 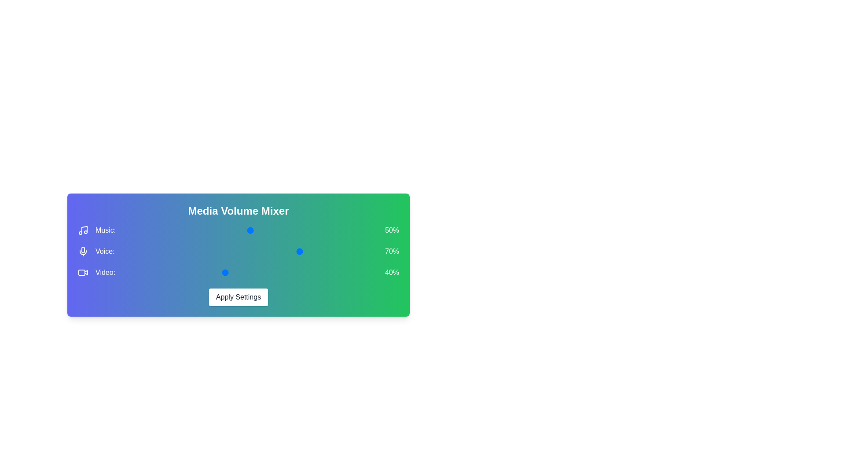 What do you see at coordinates (288, 251) in the screenshot?
I see `the 1 volume to 30% by moving the corresponding slider` at bounding box center [288, 251].